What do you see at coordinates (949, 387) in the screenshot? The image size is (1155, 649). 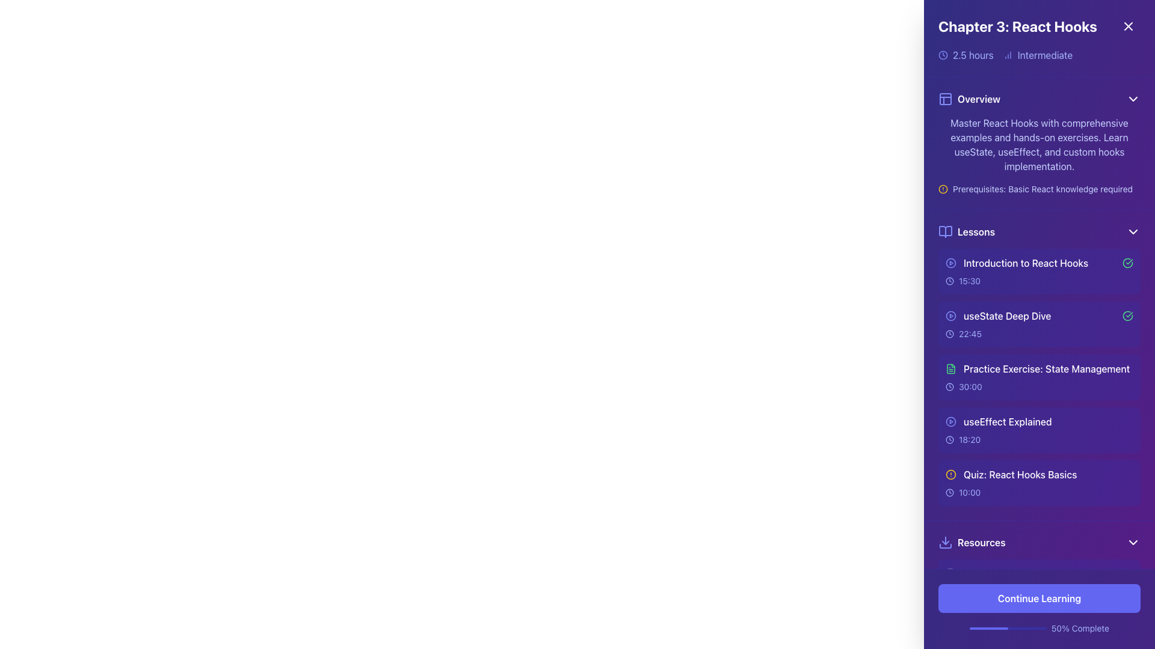 I see `the decorative clock icon representing time in the 'Practice Exercise: State Management' row, which is the leftmost component of the horizontal layout including '30:00'` at bounding box center [949, 387].